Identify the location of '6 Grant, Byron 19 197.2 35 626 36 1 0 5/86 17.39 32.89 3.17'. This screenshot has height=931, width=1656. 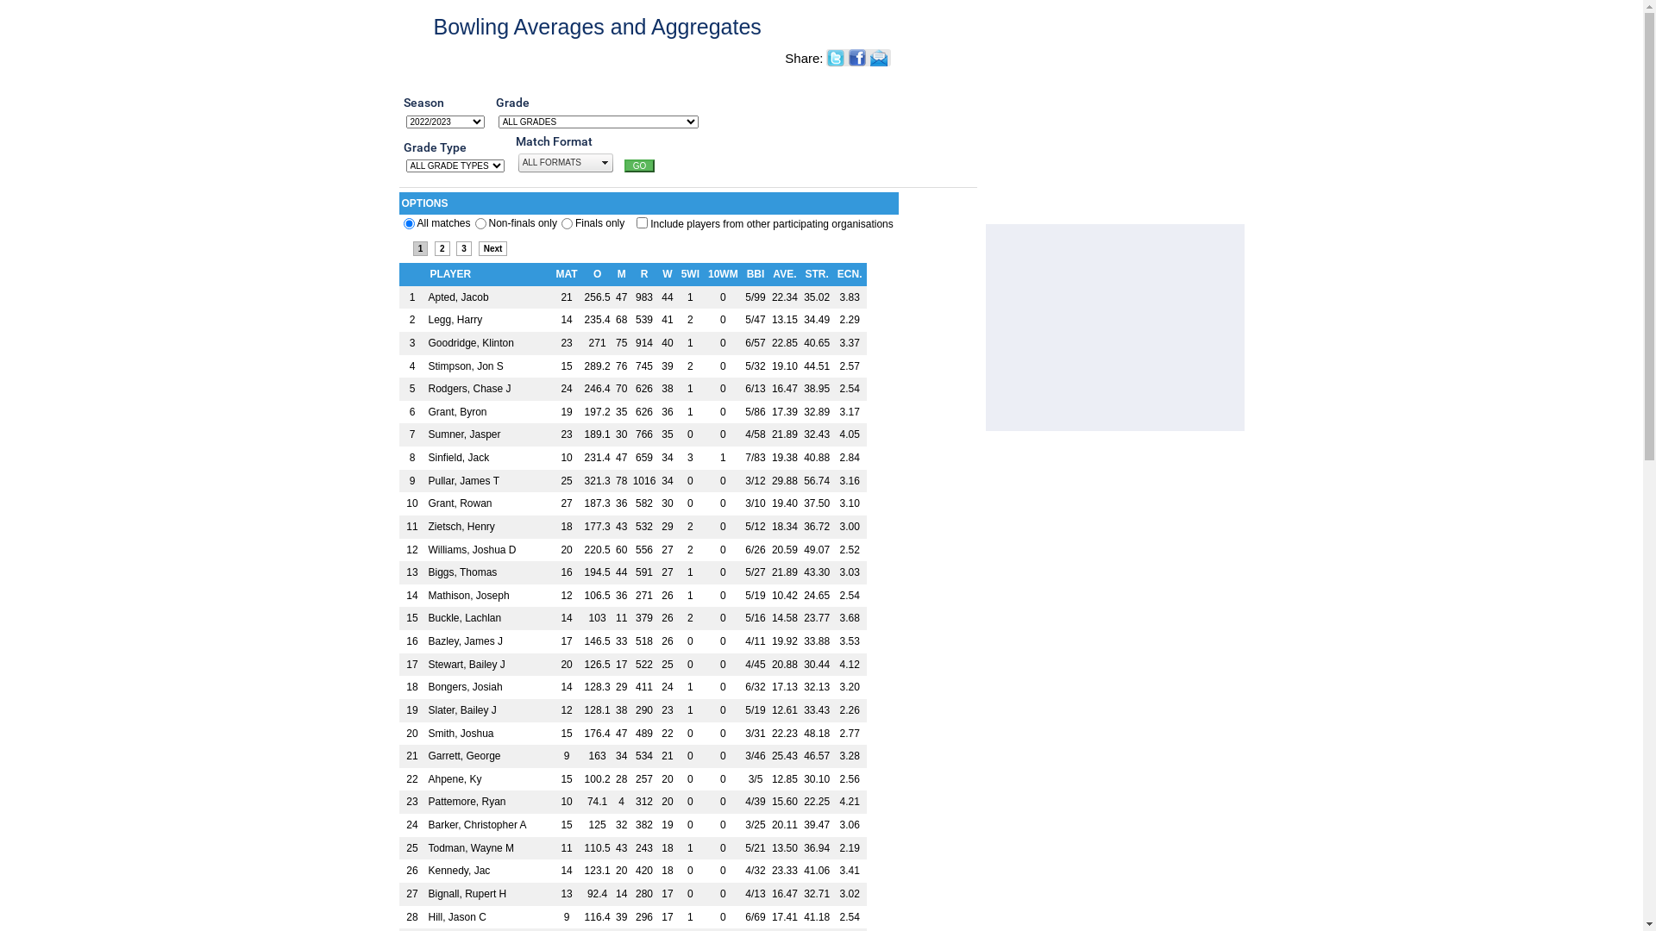
(631, 412).